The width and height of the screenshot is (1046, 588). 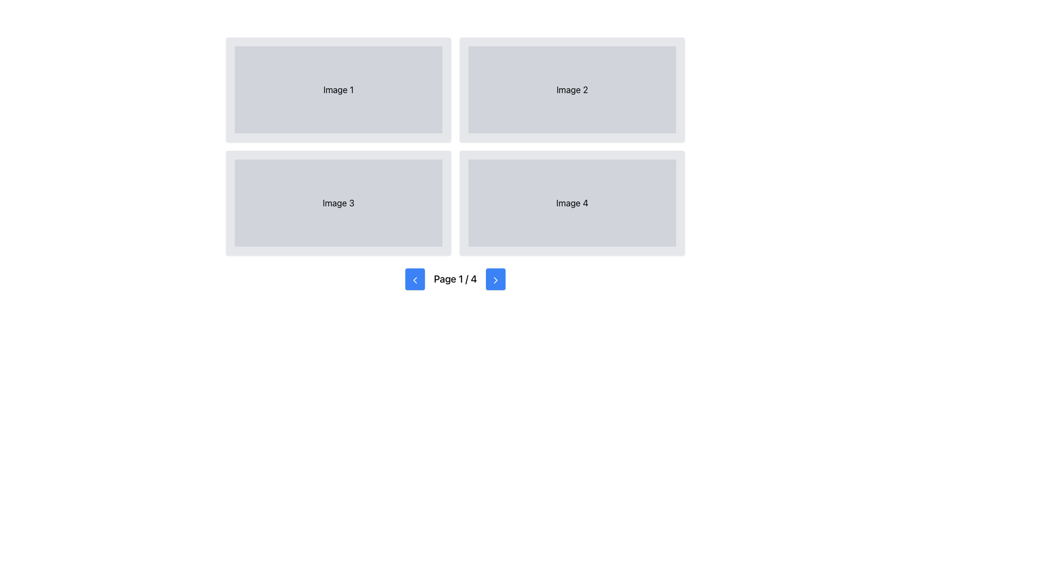 What do you see at coordinates (338, 203) in the screenshot?
I see `the Static display card representing 'Image 3', located in the second row and first column of a 2x2 grid layout` at bounding box center [338, 203].